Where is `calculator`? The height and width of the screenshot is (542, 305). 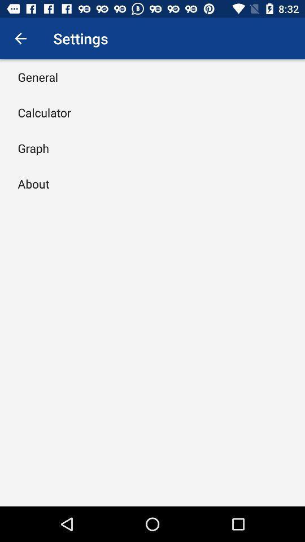 calculator is located at coordinates (43, 112).